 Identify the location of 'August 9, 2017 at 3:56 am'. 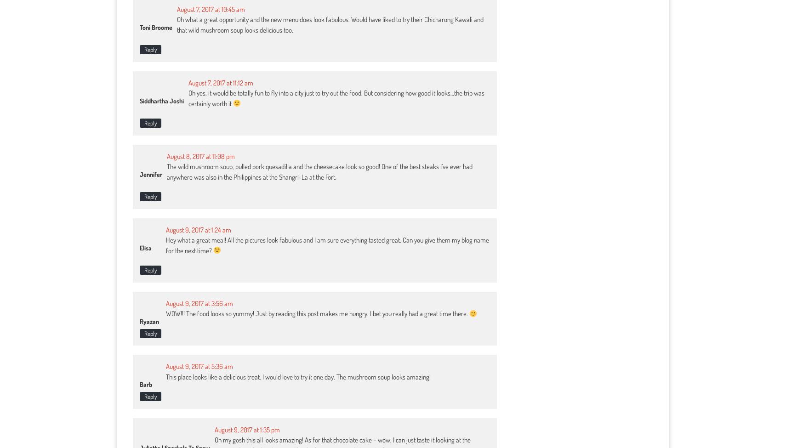
(165, 303).